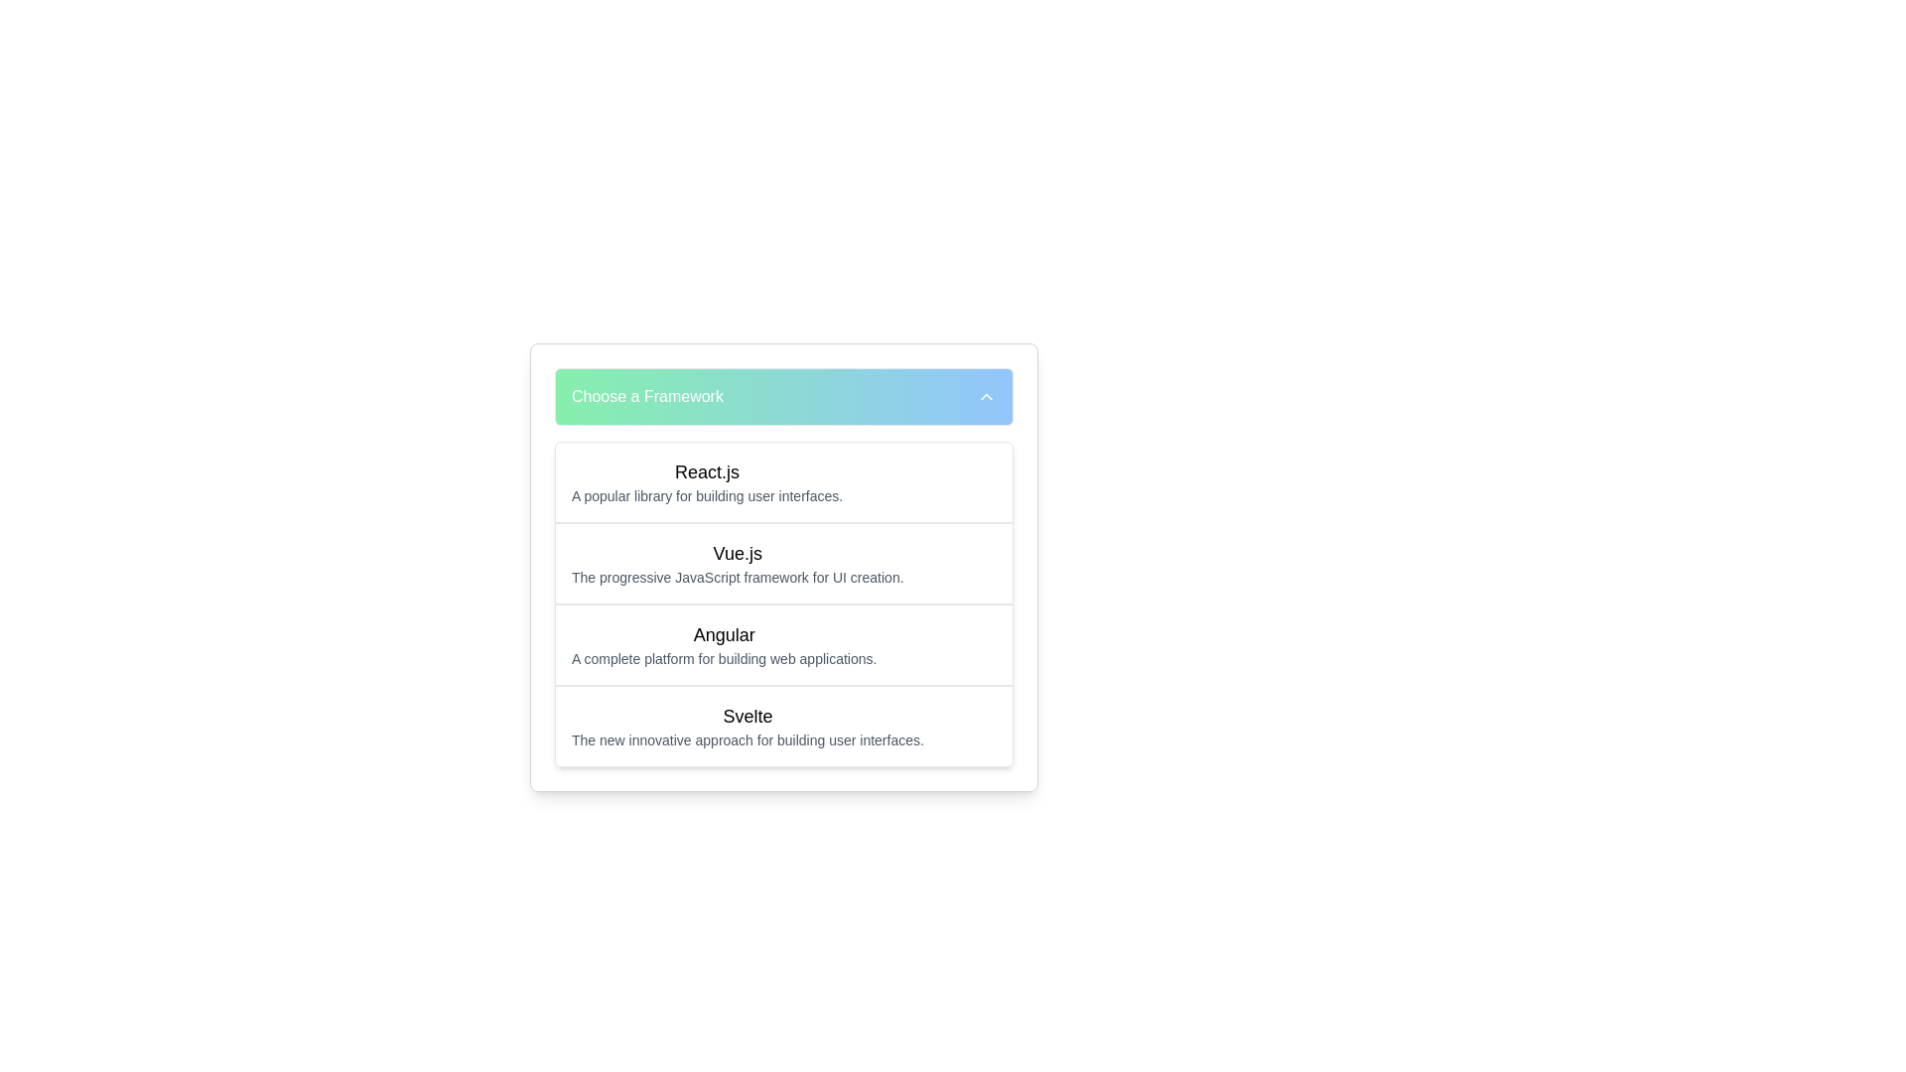  I want to click on the Informational section titled 'Vue.js', which includes a subtitle describing it as 'The progressive JavaScript framework for UI creation.', so click(783, 563).